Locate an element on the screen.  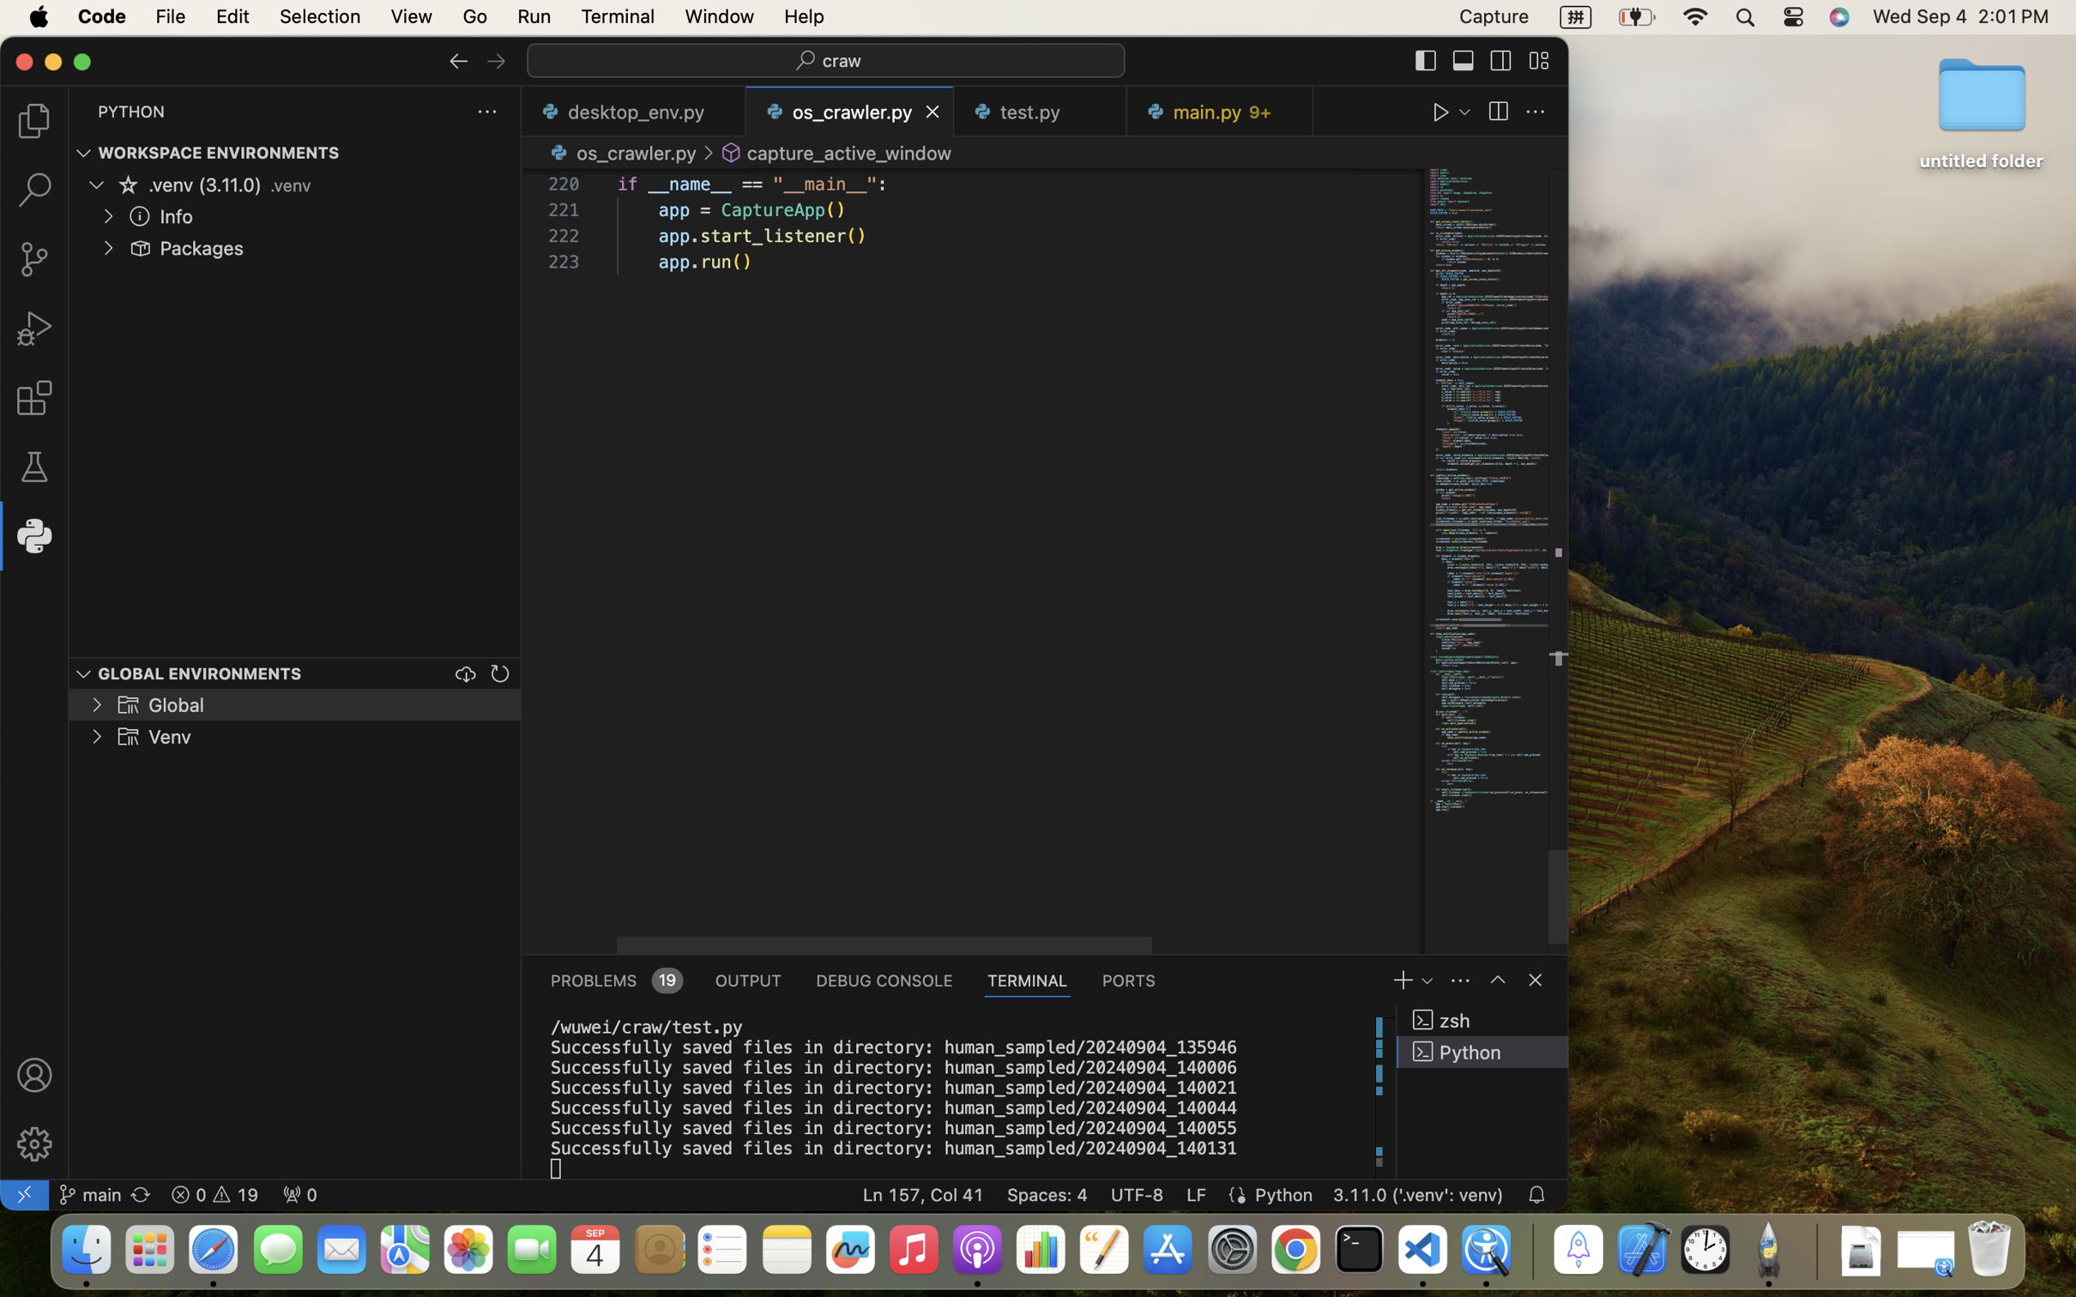
'0 ' is located at coordinates (33, 398).